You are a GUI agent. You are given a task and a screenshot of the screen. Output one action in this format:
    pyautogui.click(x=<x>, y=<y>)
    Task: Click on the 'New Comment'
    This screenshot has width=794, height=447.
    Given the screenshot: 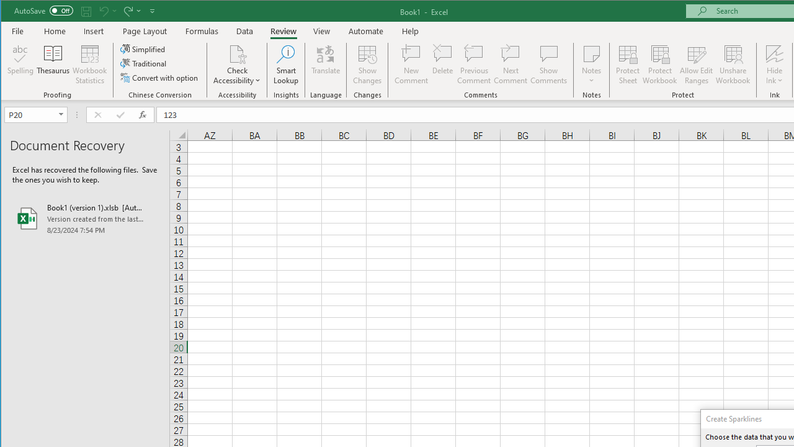 What is the action you would take?
    pyautogui.click(x=411, y=65)
    